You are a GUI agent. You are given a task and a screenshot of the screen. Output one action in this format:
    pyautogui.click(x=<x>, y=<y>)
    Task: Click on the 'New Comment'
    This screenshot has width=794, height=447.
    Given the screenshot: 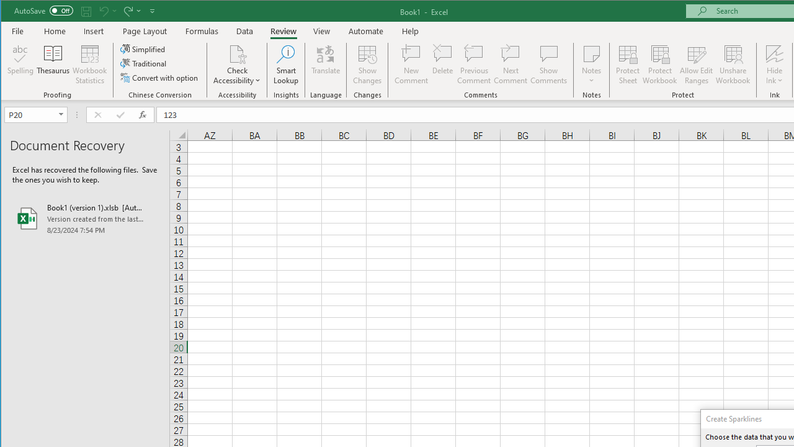 What is the action you would take?
    pyautogui.click(x=411, y=65)
    